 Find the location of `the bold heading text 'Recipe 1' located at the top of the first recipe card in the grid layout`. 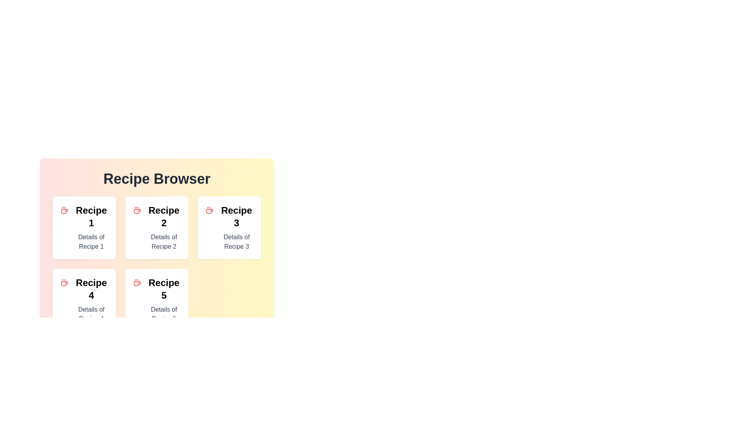

the bold heading text 'Recipe 1' located at the top of the first recipe card in the grid layout is located at coordinates (91, 217).